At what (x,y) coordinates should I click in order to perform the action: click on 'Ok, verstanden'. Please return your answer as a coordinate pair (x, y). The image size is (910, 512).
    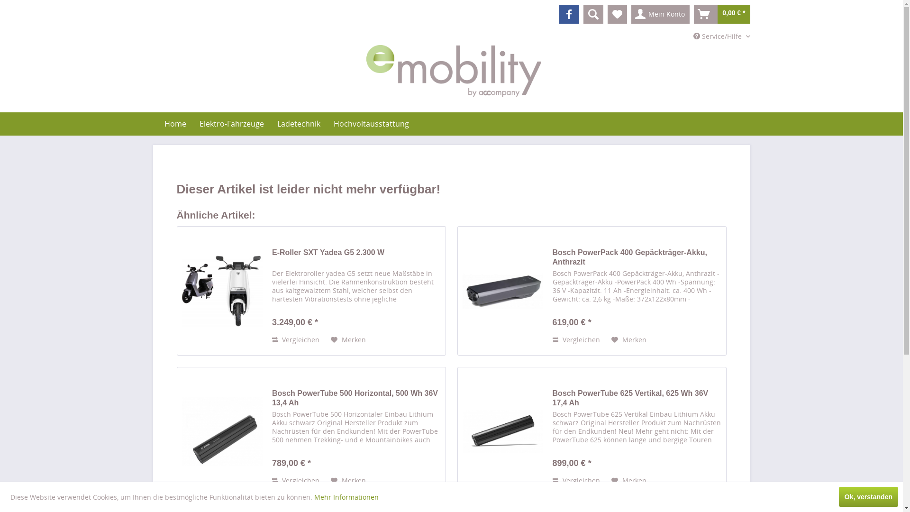
    Looking at the image, I should click on (868, 496).